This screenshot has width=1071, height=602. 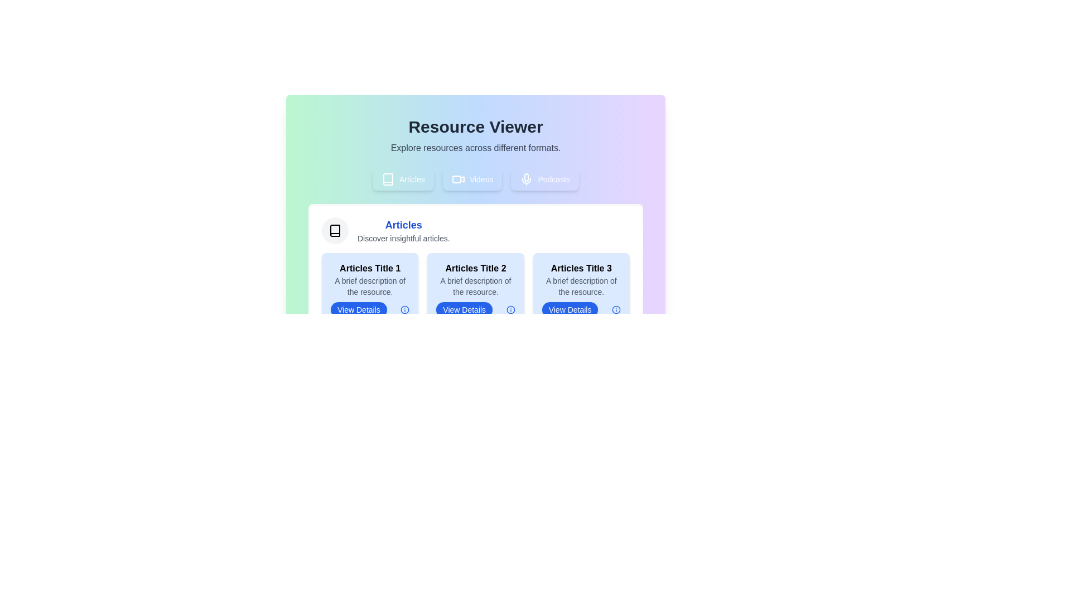 What do you see at coordinates (476, 285) in the screenshot?
I see `text description that says 'A brief description of the resource.' which is the second text block below 'Articles Title 2'` at bounding box center [476, 285].